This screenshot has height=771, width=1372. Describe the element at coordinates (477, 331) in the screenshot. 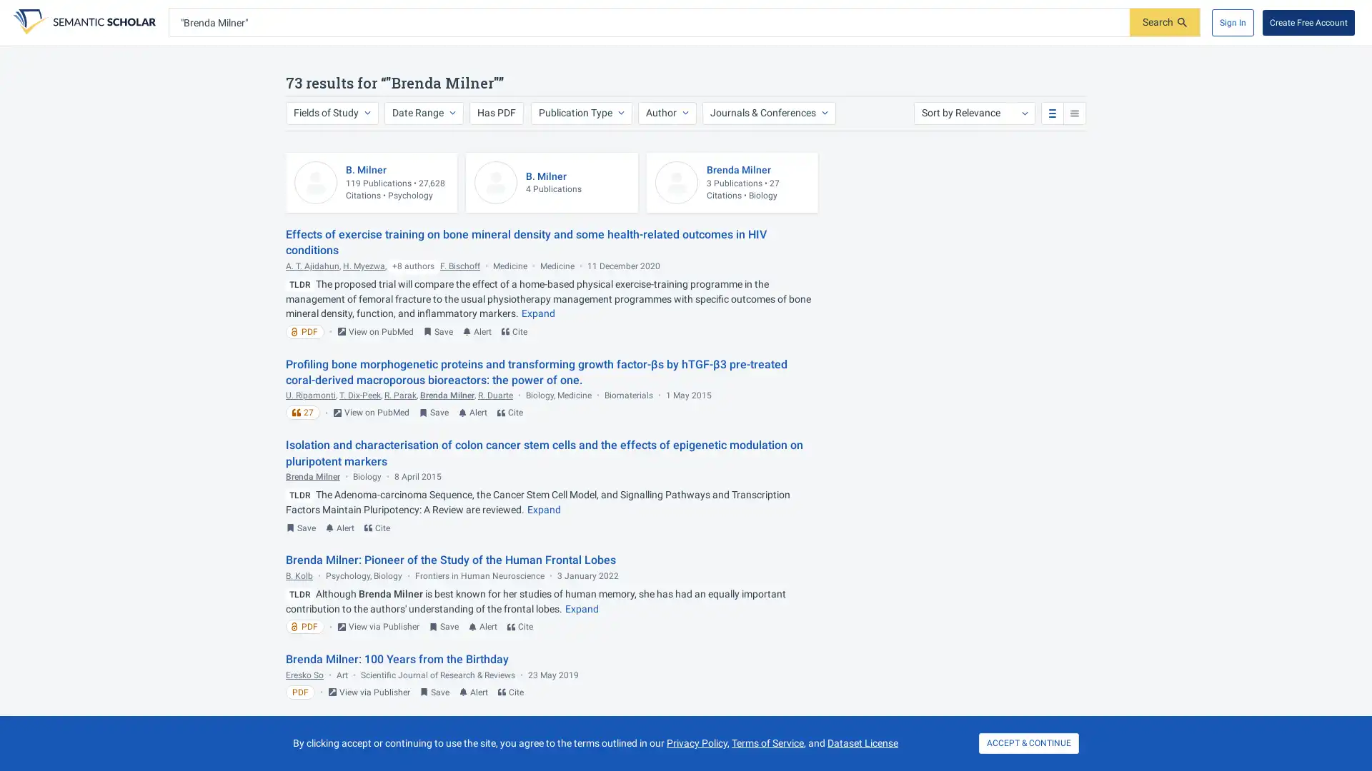

I see `Turn on email alert for this paper` at that location.